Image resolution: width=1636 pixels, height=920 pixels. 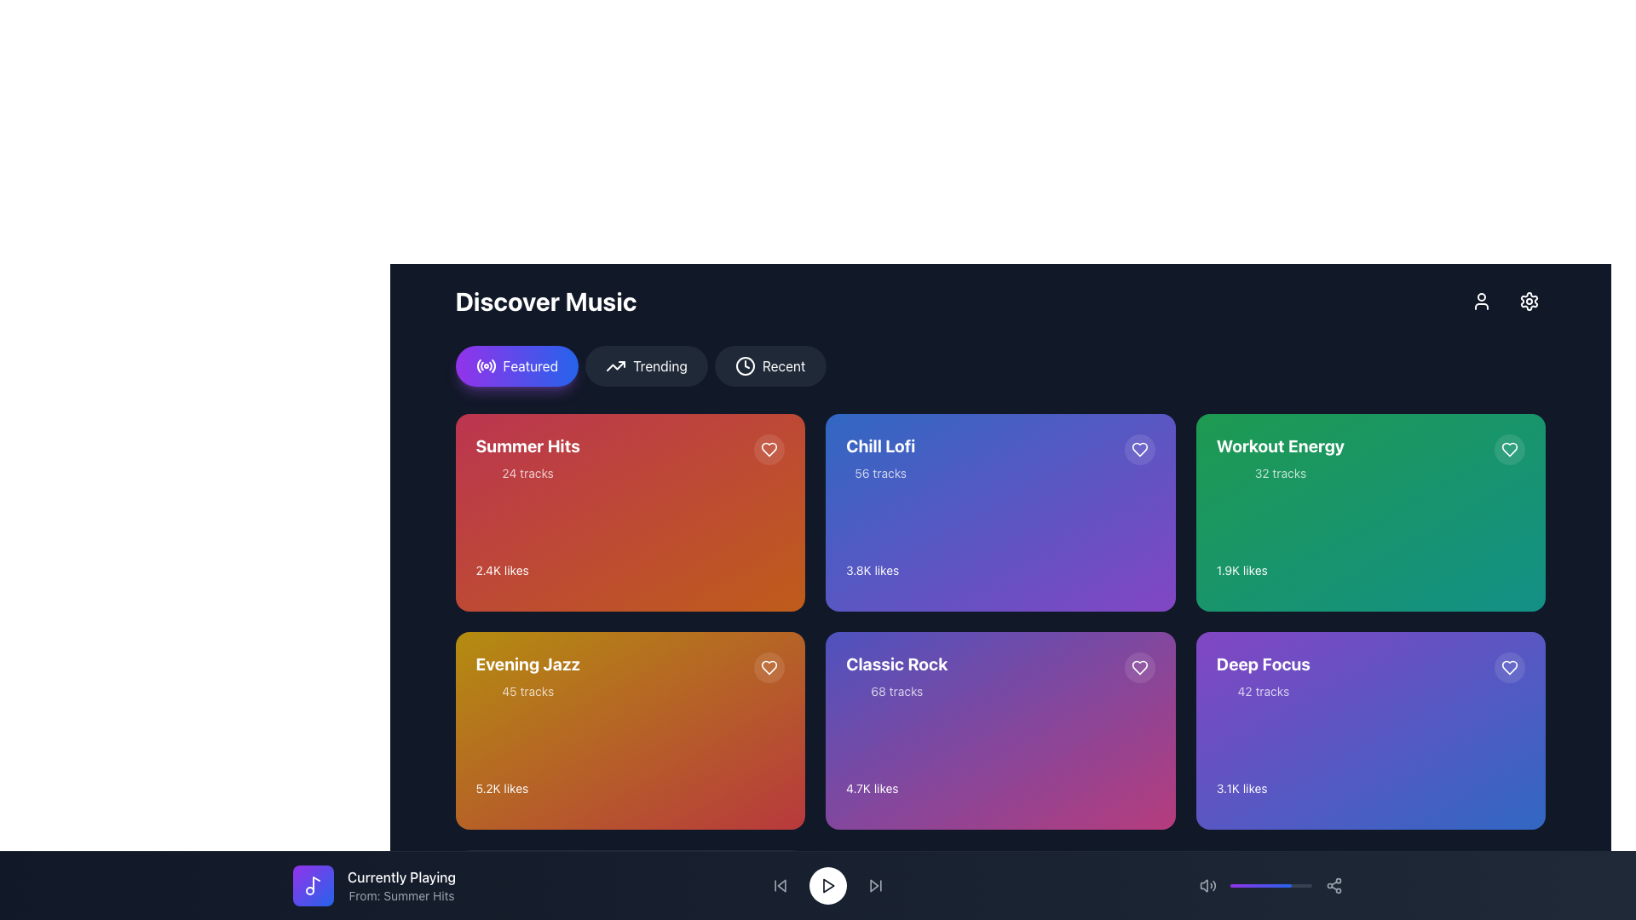 What do you see at coordinates (1134, 814) in the screenshot?
I see `the play button located in the bottom-right corner of the 'Classic Rock' tile to initiate playback for the associated album or playlist` at bounding box center [1134, 814].